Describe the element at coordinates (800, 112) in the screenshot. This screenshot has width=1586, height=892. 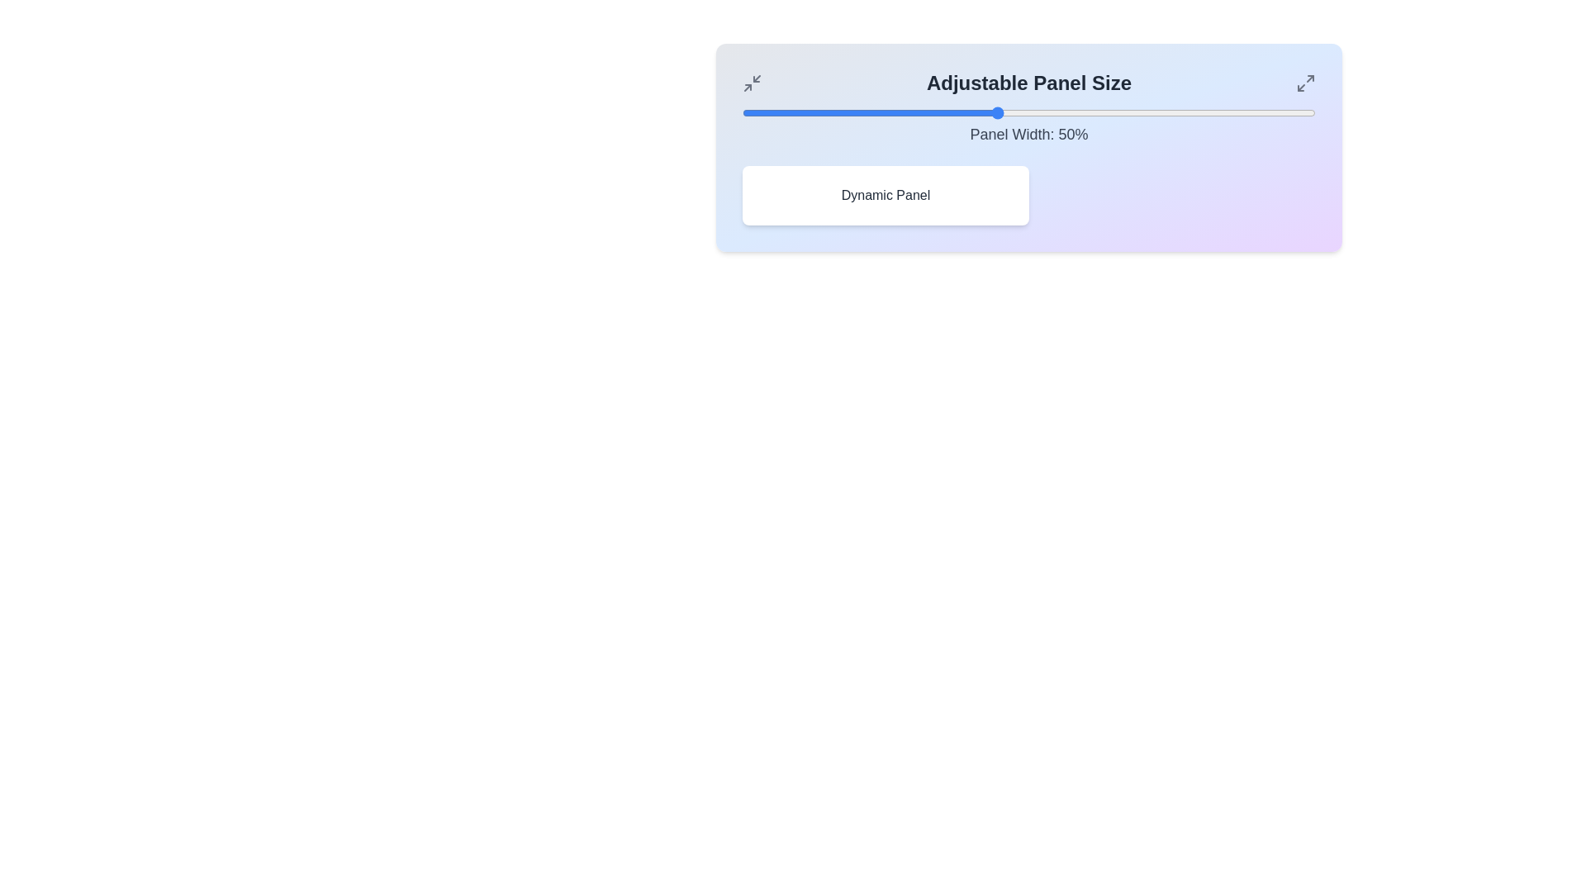
I see `the slider value` at that location.